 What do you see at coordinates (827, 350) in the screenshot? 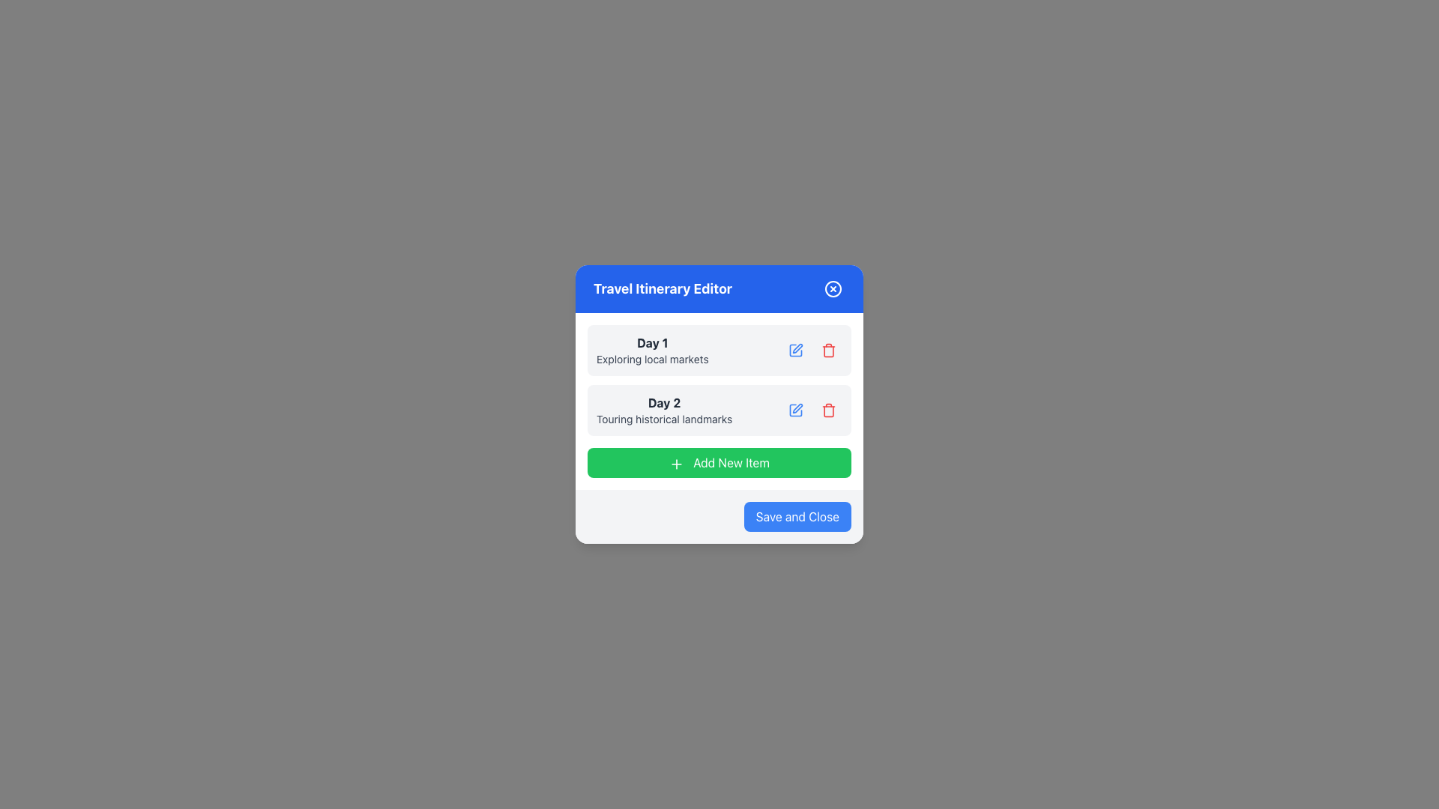
I see `the delete icon button located to the right of the 'Day 2' entry in the 'Travel Itinerary Editor' to trigger hover effects` at bounding box center [827, 350].